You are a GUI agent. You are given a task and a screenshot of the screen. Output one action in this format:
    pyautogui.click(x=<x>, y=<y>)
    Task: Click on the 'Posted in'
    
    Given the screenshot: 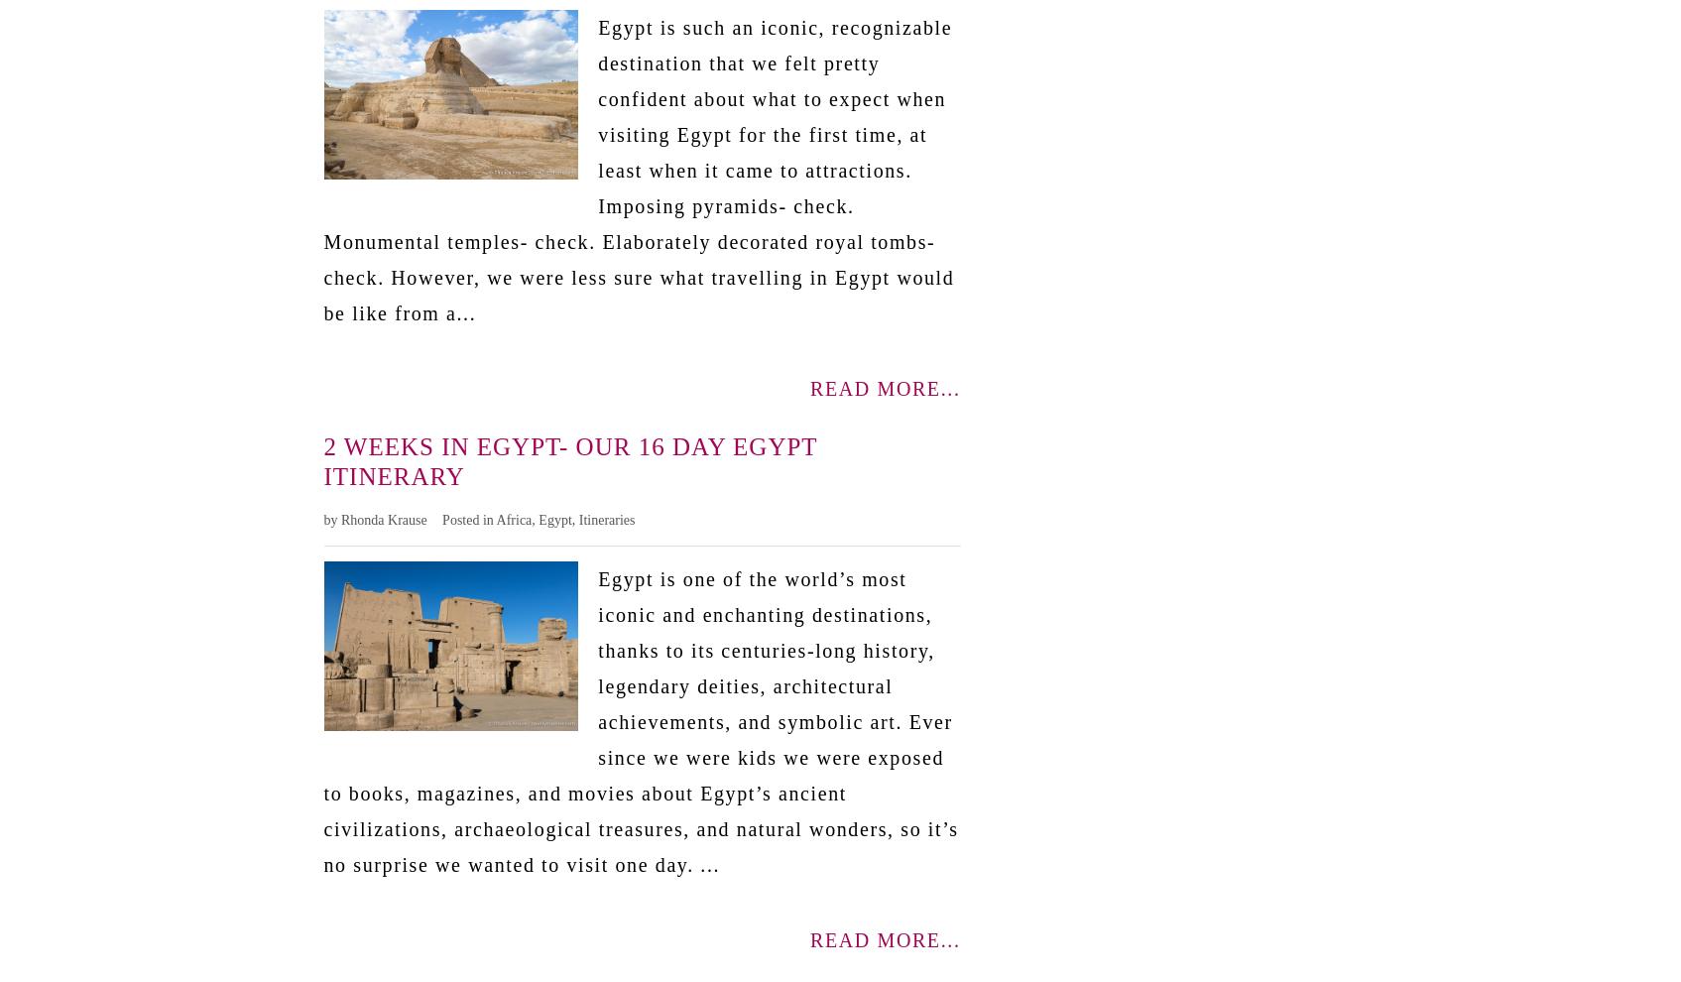 What is the action you would take?
    pyautogui.click(x=441, y=518)
    